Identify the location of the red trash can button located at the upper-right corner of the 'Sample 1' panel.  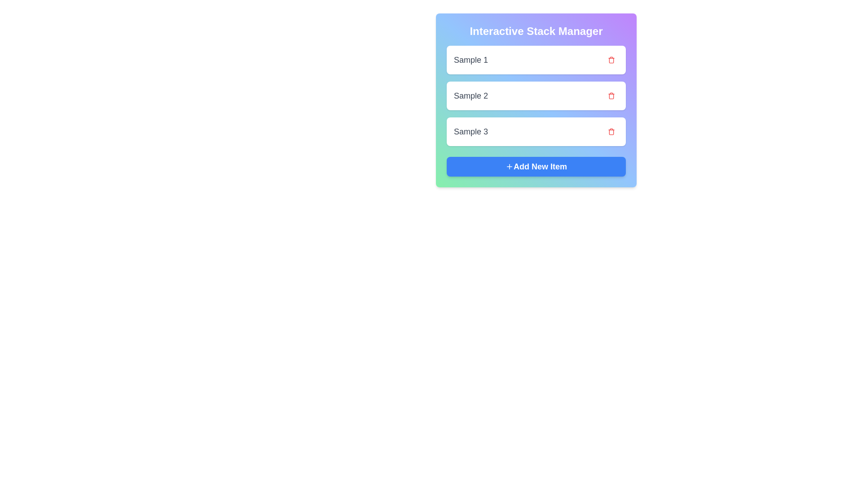
(611, 60).